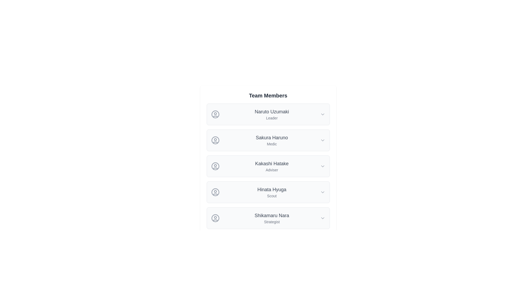 This screenshot has width=510, height=286. What do you see at coordinates (272, 218) in the screenshot?
I see `text content of the Text Block displaying 'Shikamaru Nara' and its subtitle 'Strategist', located in the fifth card of the 'Team Members' list` at bounding box center [272, 218].